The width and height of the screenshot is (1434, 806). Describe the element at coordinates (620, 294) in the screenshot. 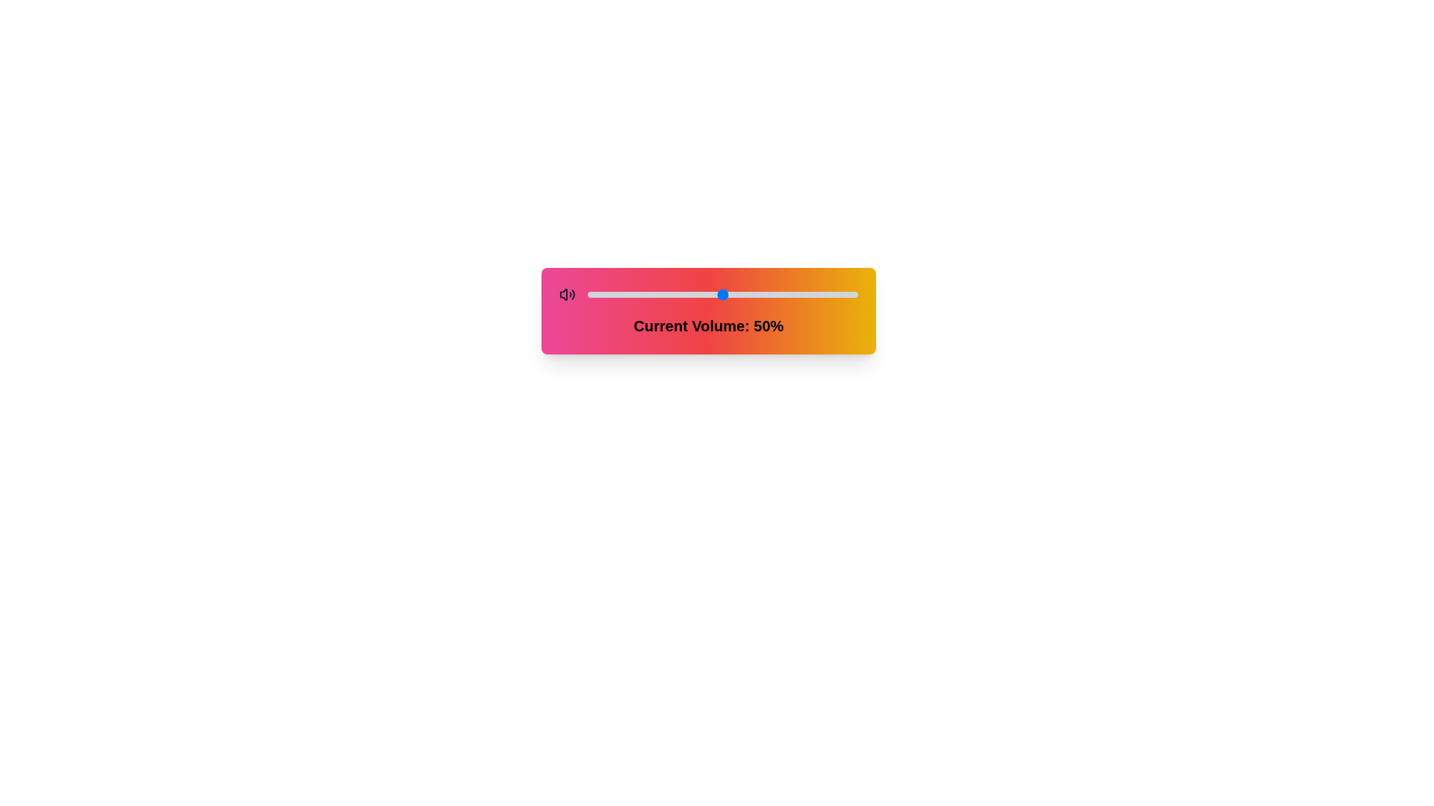

I see `the volume slider to 12%, observing the icon change dynamically` at that location.